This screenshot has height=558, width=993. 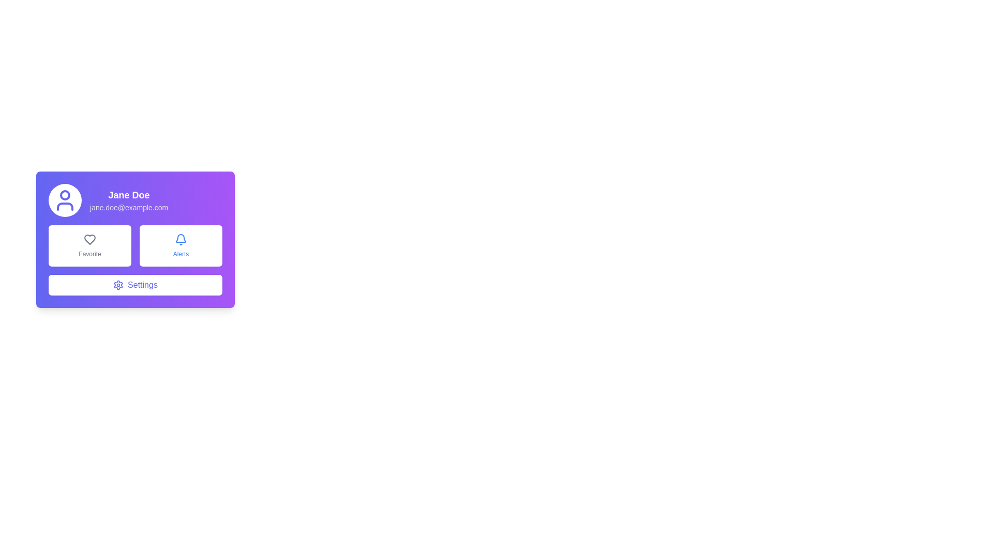 I want to click on the circular icon button with a white background and blue person icon located at the leftmost position of the user's profile card, so click(x=64, y=200).